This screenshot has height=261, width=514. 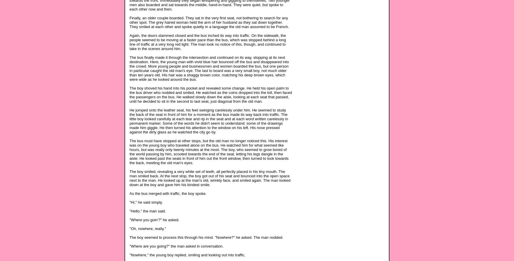 I want to click on 'The boy smiled, revealing a very white set of teeth, all perfectly placed in his tiny mouth. The man smiled back. At the next stop, the boy got out of his seat and bounced into the open space next to the man. He looked up at the man's old, wrinkly face, and smiled again. The man looked down at the boy and gave him his kindest smile.', so click(x=210, y=177).